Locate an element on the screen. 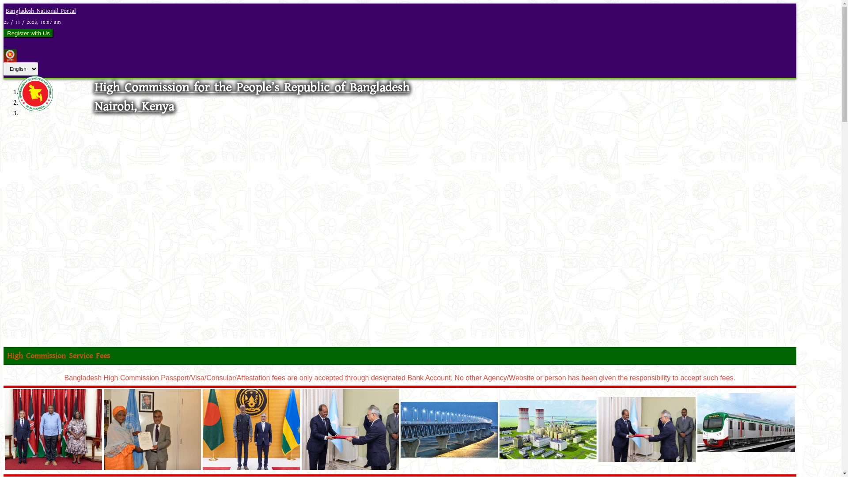  'Register with Us' is located at coordinates (28, 33).